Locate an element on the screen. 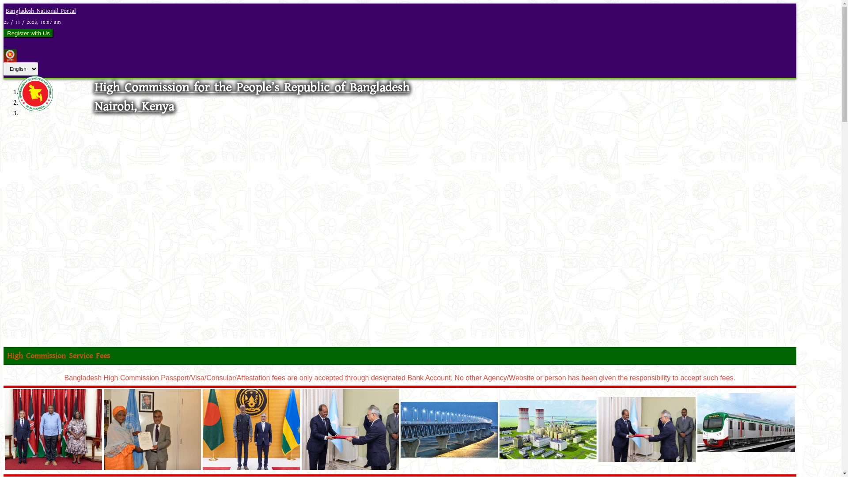  'Register with Us' is located at coordinates (28, 33).